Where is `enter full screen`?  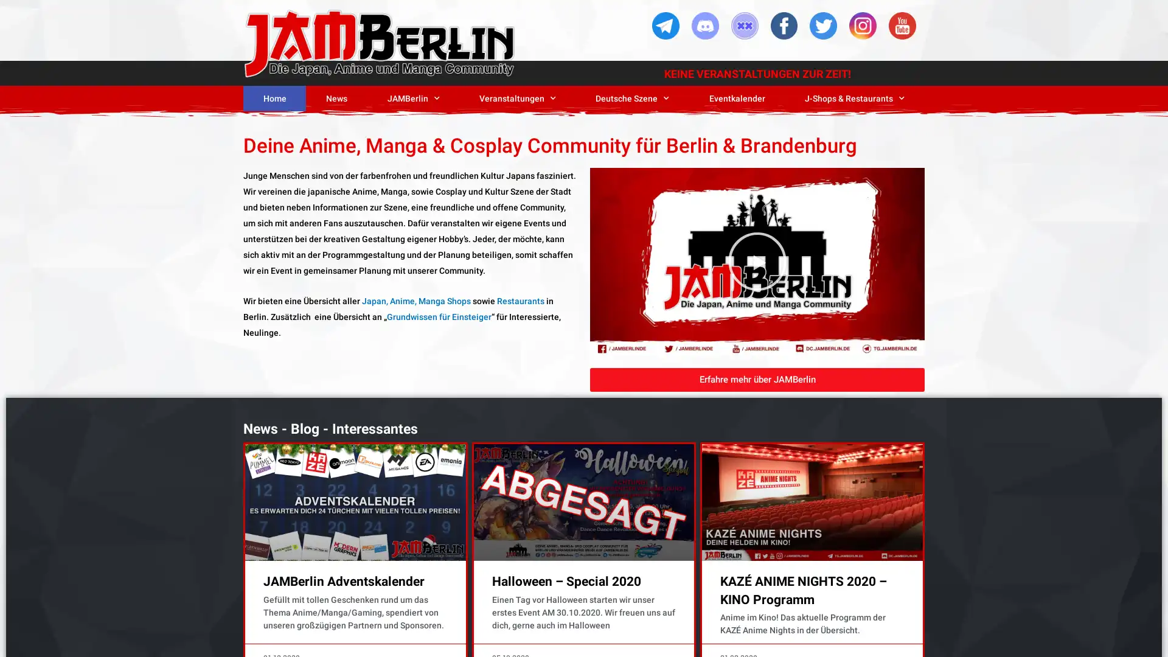
enter full screen is located at coordinates (881, 304).